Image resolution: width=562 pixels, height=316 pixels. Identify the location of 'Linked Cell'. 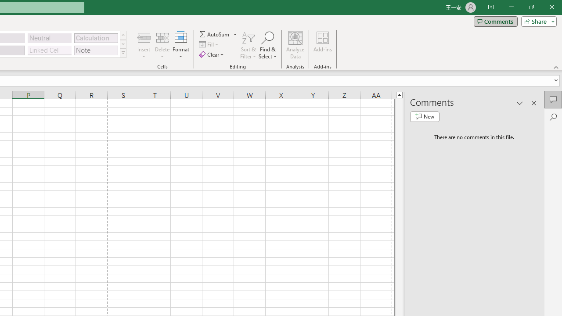
(49, 50).